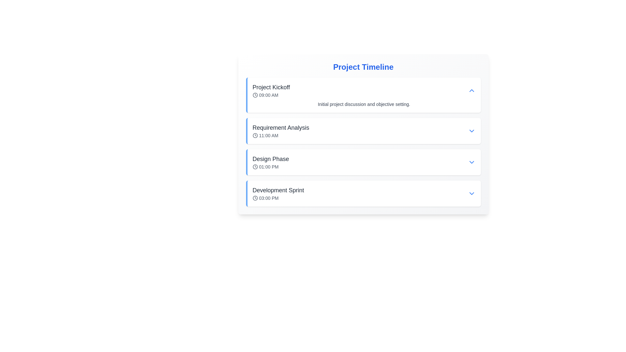 The height and width of the screenshot is (352, 626). Describe the element at coordinates (255, 95) in the screenshot. I see `the decorative icon located next to the '09:00 AM' time indicator in the 'Project Kickoff' timeline` at that location.